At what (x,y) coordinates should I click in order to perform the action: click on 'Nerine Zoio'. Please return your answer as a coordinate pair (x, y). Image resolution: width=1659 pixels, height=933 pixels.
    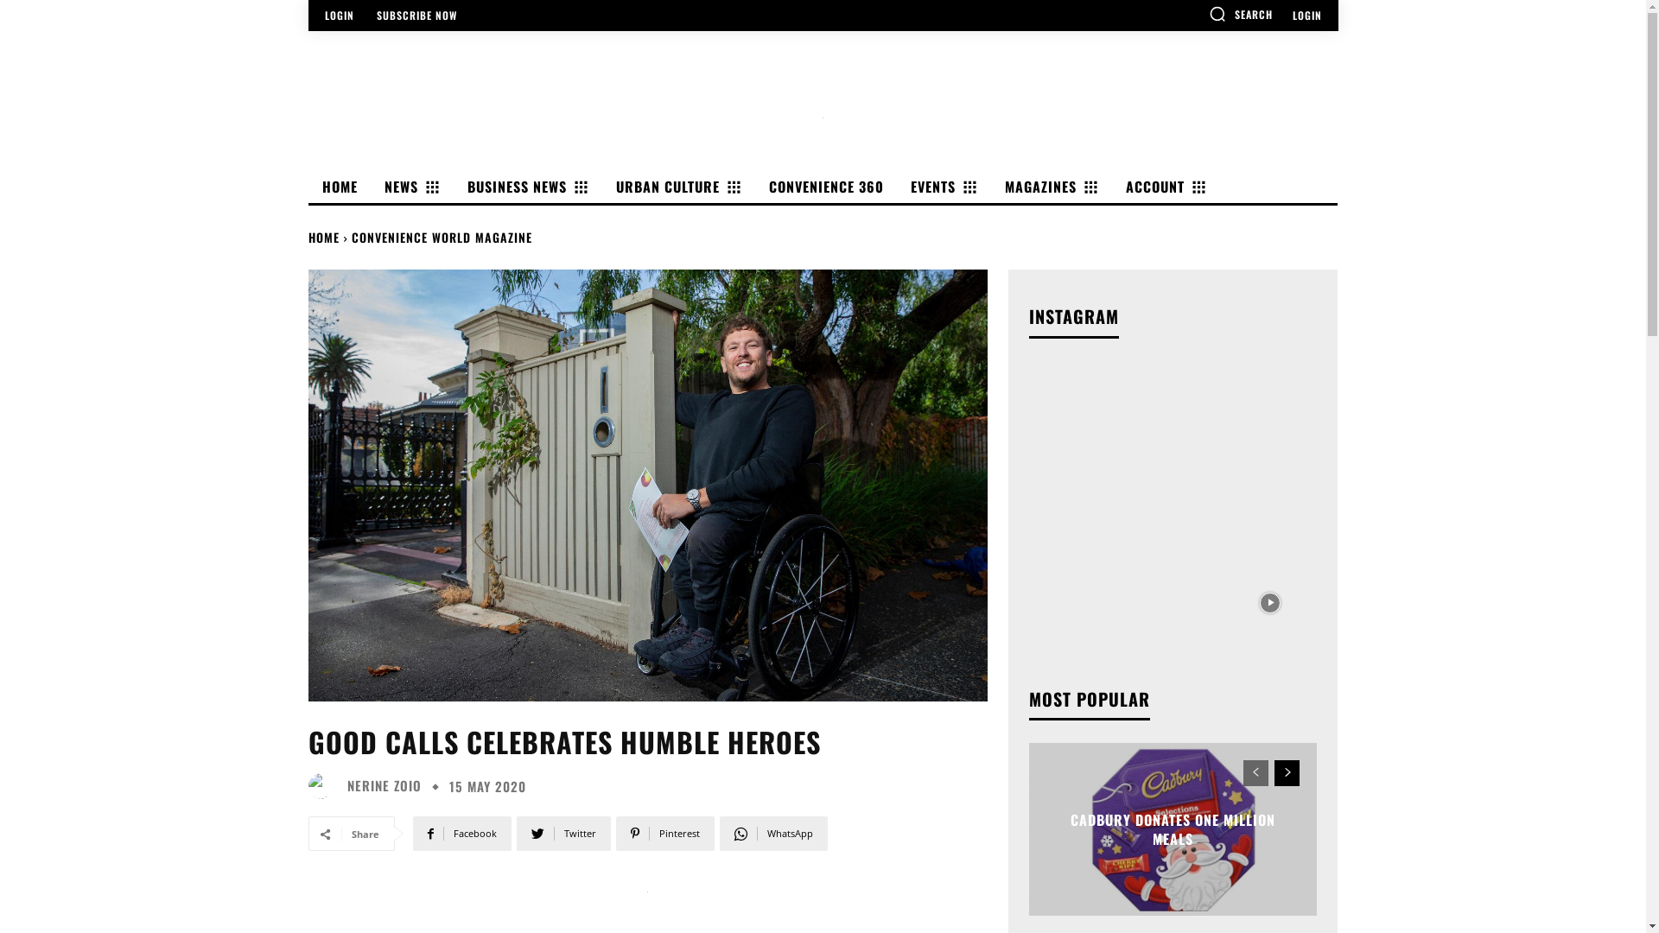
    Looking at the image, I should click on (307, 786).